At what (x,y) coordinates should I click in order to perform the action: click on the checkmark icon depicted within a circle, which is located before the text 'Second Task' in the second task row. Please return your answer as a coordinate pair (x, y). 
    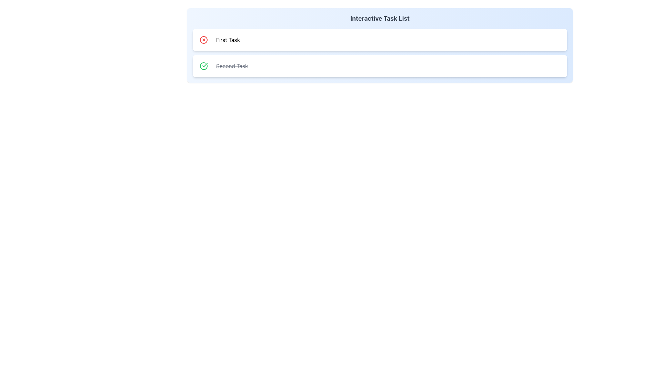
    Looking at the image, I should click on (204, 65).